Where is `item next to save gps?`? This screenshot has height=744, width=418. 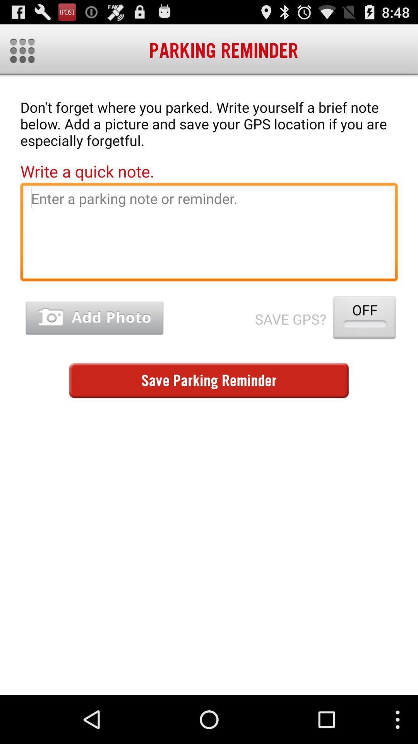
item next to save gps? is located at coordinates (364, 319).